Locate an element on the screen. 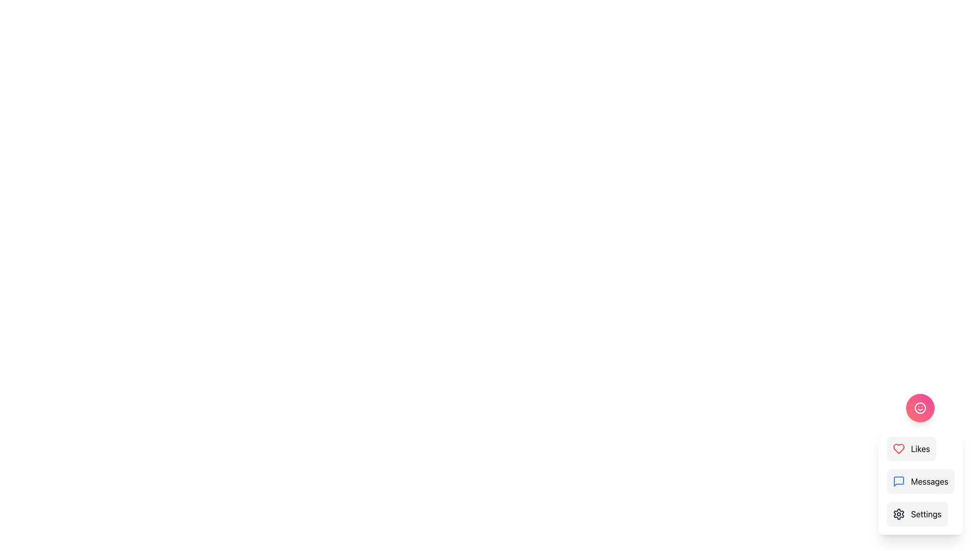  'Likes' text label which is displayed in bold font and is located to the right of a heart icon in the first menu option of the vertical stack is located at coordinates (920, 448).